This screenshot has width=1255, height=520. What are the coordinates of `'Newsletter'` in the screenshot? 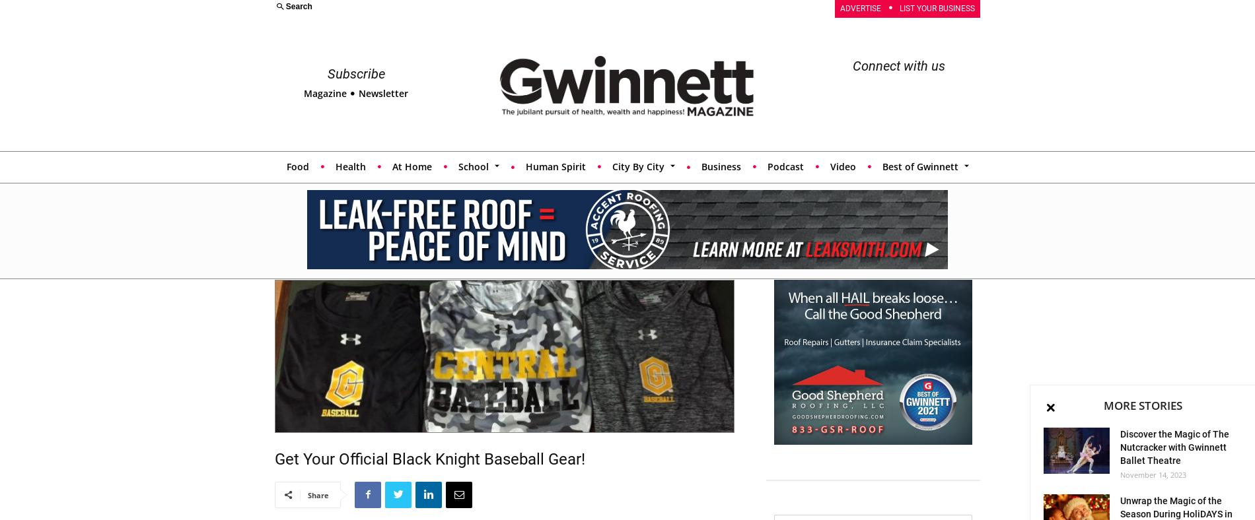 It's located at (383, 93).